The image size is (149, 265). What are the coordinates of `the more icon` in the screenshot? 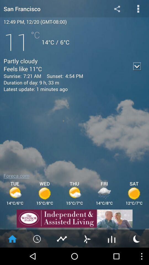 It's located at (138, 9).